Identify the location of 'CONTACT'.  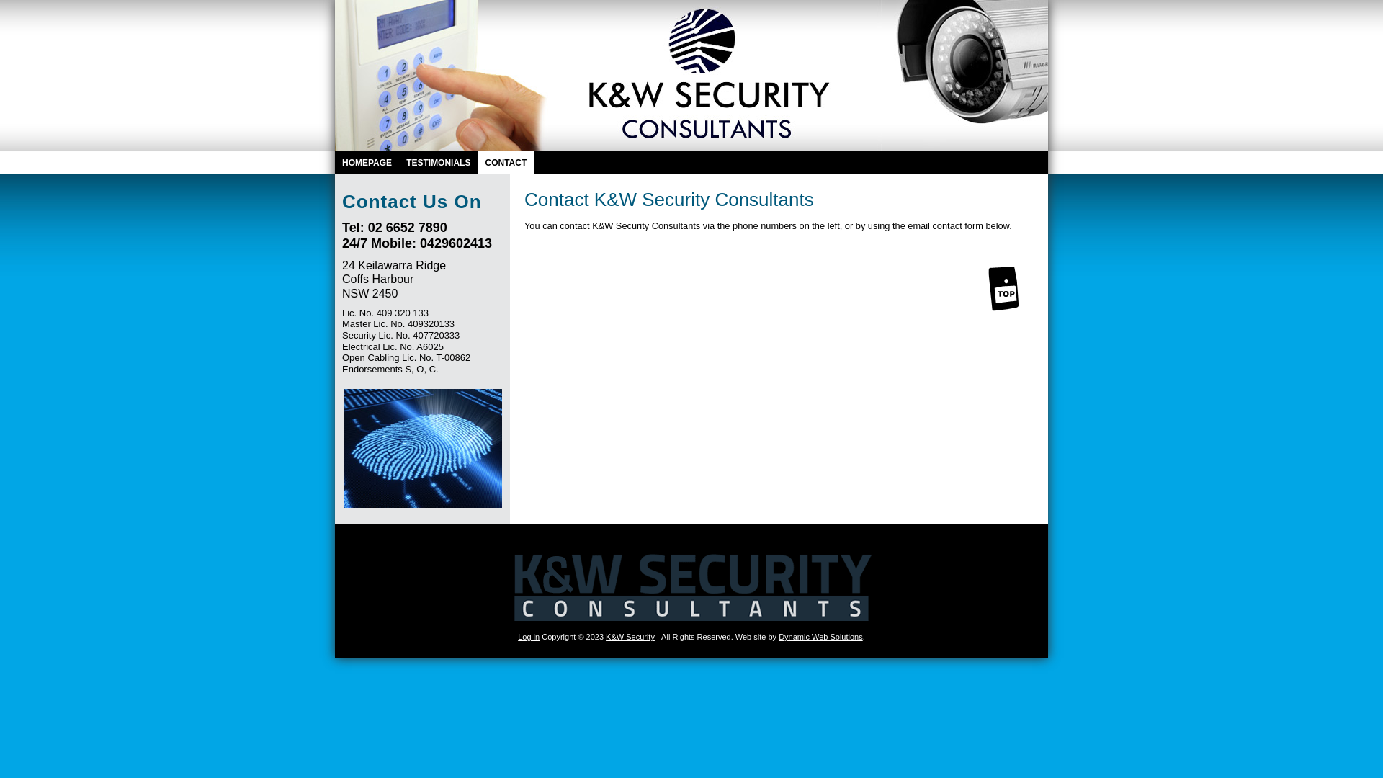
(505, 162).